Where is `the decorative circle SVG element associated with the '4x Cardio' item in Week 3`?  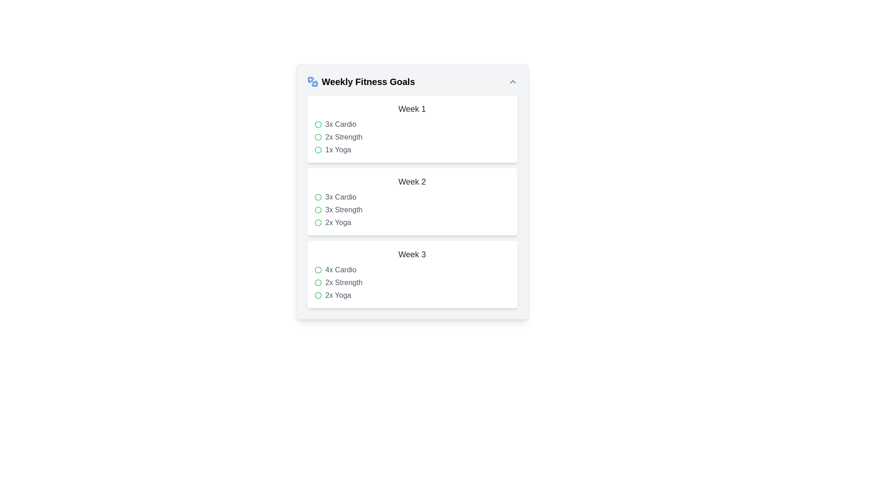 the decorative circle SVG element associated with the '4x Cardio' item in Week 3 is located at coordinates (318, 270).